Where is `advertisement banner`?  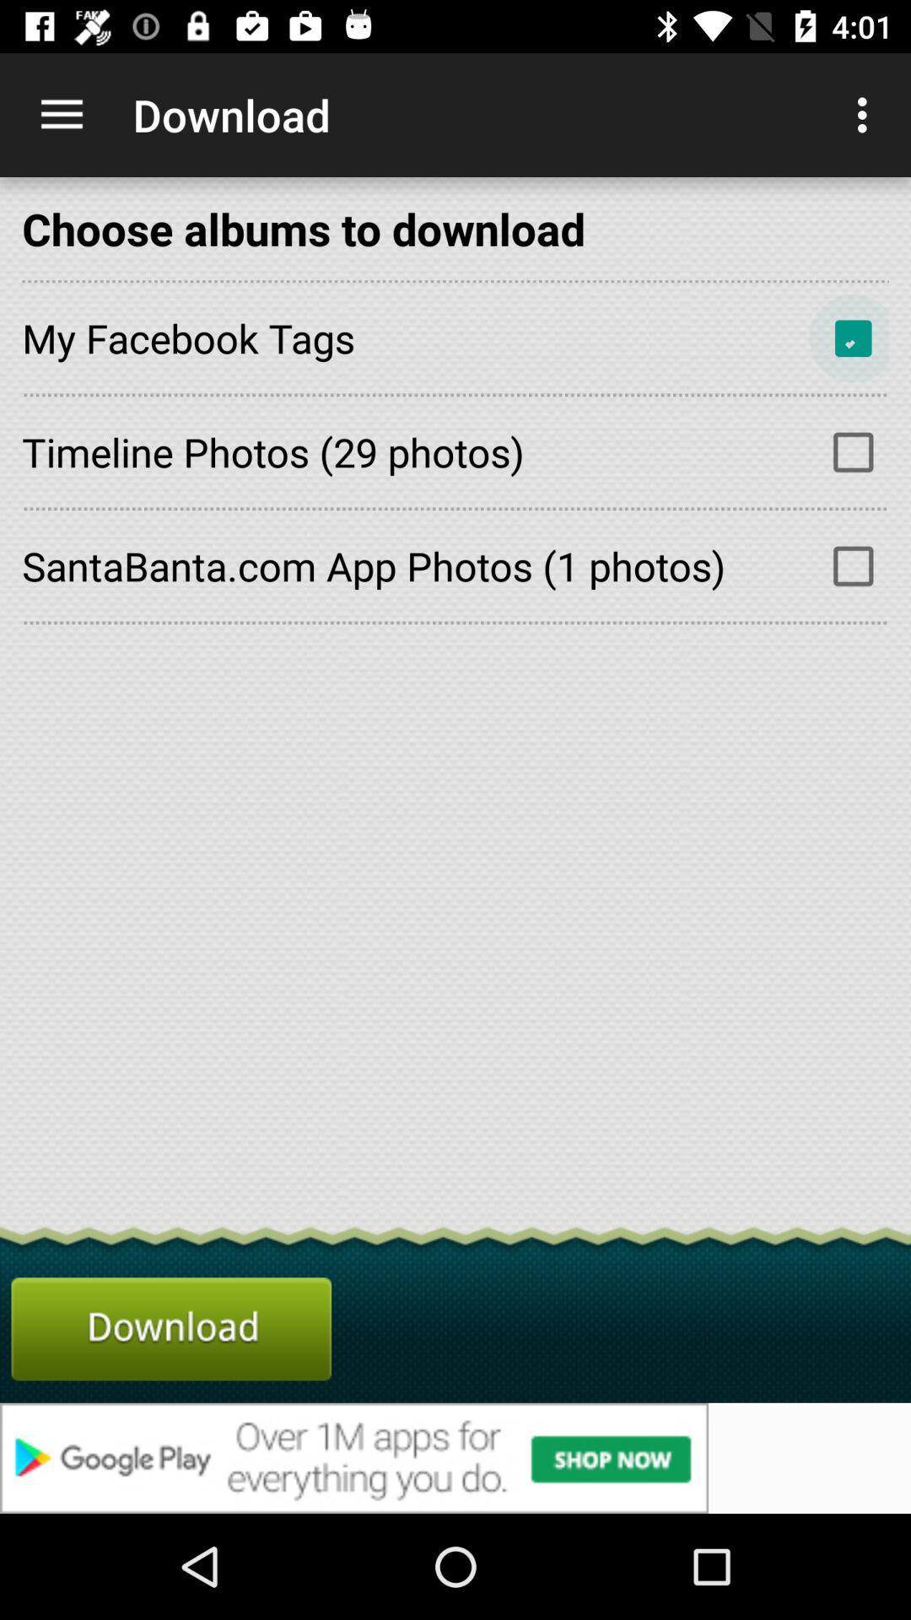
advertisement banner is located at coordinates (455, 1457).